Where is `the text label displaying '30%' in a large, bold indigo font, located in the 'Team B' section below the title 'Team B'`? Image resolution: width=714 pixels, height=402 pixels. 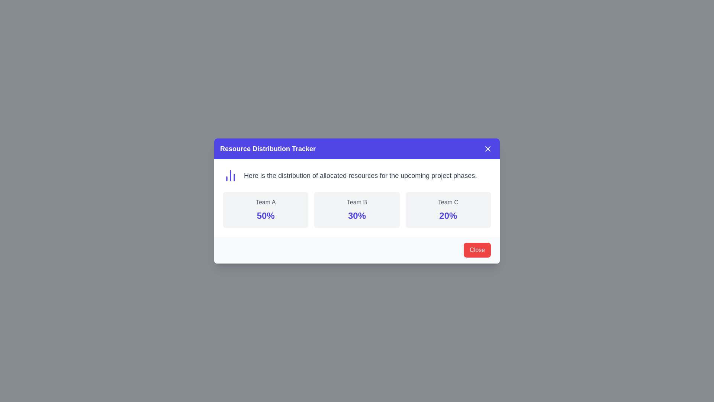
the text label displaying '30%' in a large, bold indigo font, located in the 'Team B' section below the title 'Team B' is located at coordinates (357, 216).